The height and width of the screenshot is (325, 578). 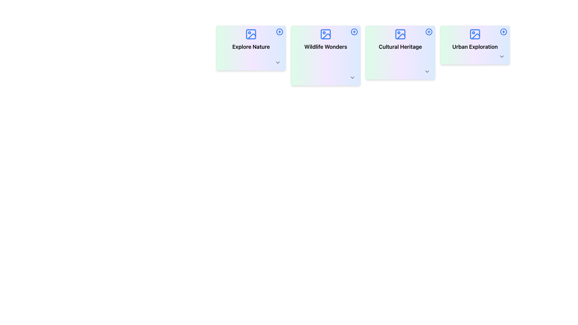 What do you see at coordinates (325, 34) in the screenshot?
I see `the stylized blue image icon located at the top center of the 'Wildlife Wonders' card, which features a rectangular frame, a circle in the top left, and a curved line through the frame` at bounding box center [325, 34].